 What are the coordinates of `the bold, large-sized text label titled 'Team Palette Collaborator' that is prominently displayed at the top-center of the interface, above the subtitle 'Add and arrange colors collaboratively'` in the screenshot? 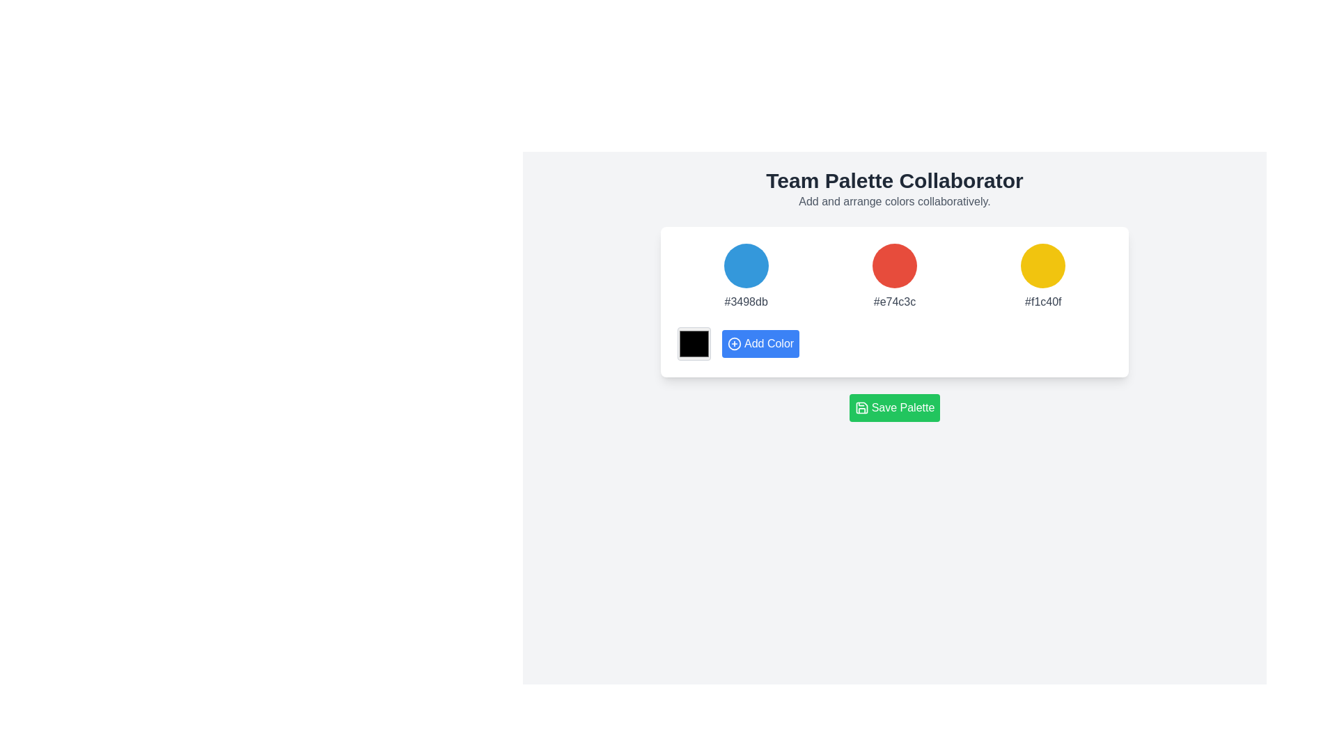 It's located at (895, 180).